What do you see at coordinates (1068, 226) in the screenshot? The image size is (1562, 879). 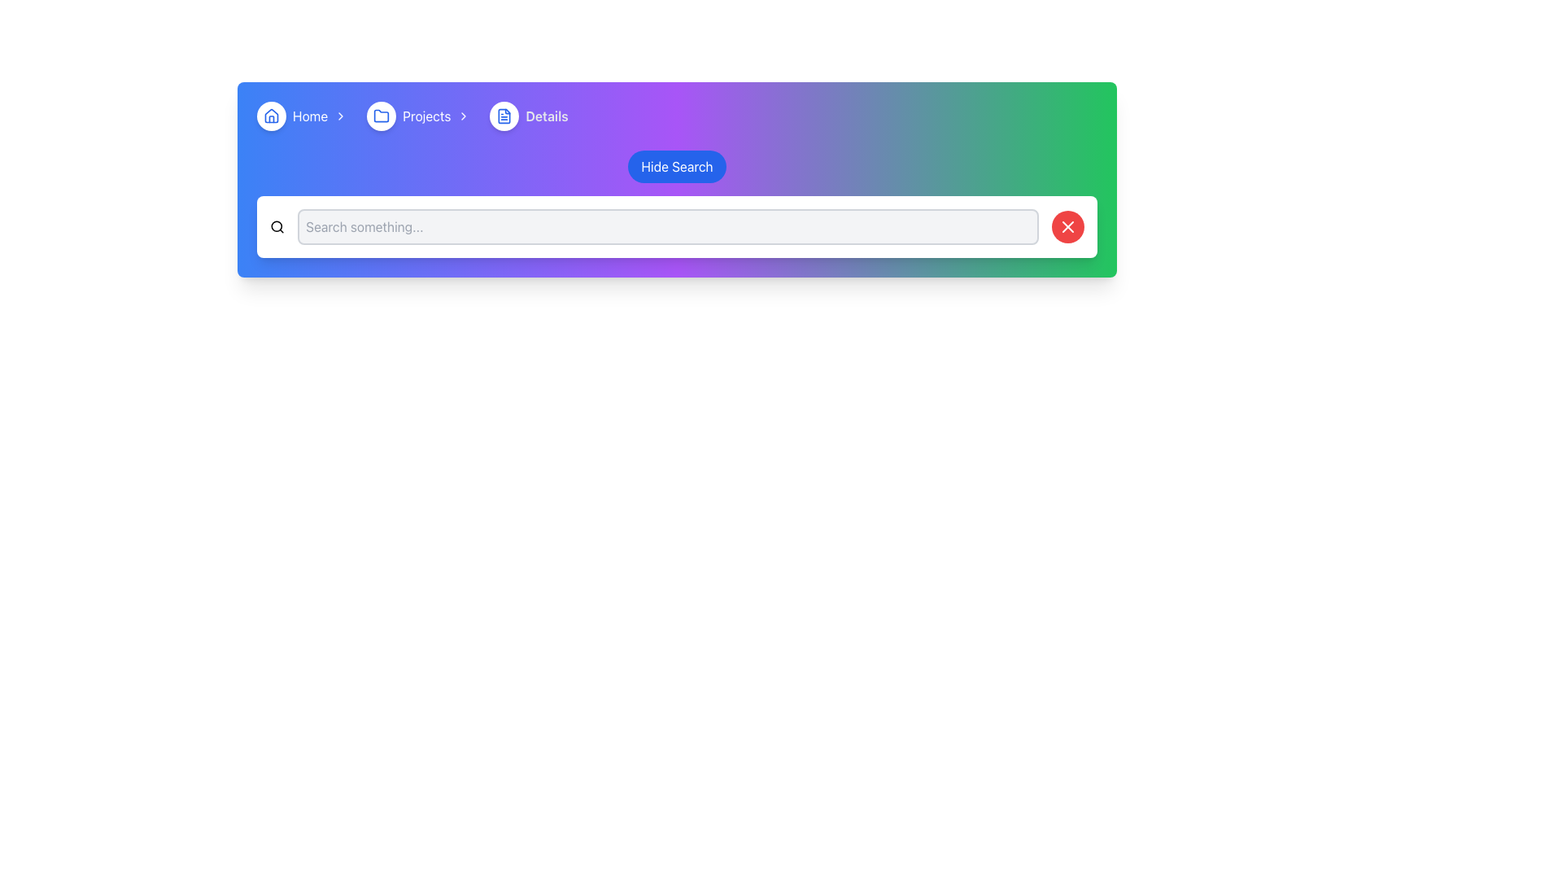 I see `the close button located at the far-right end of the search bar to clear its contents` at bounding box center [1068, 226].